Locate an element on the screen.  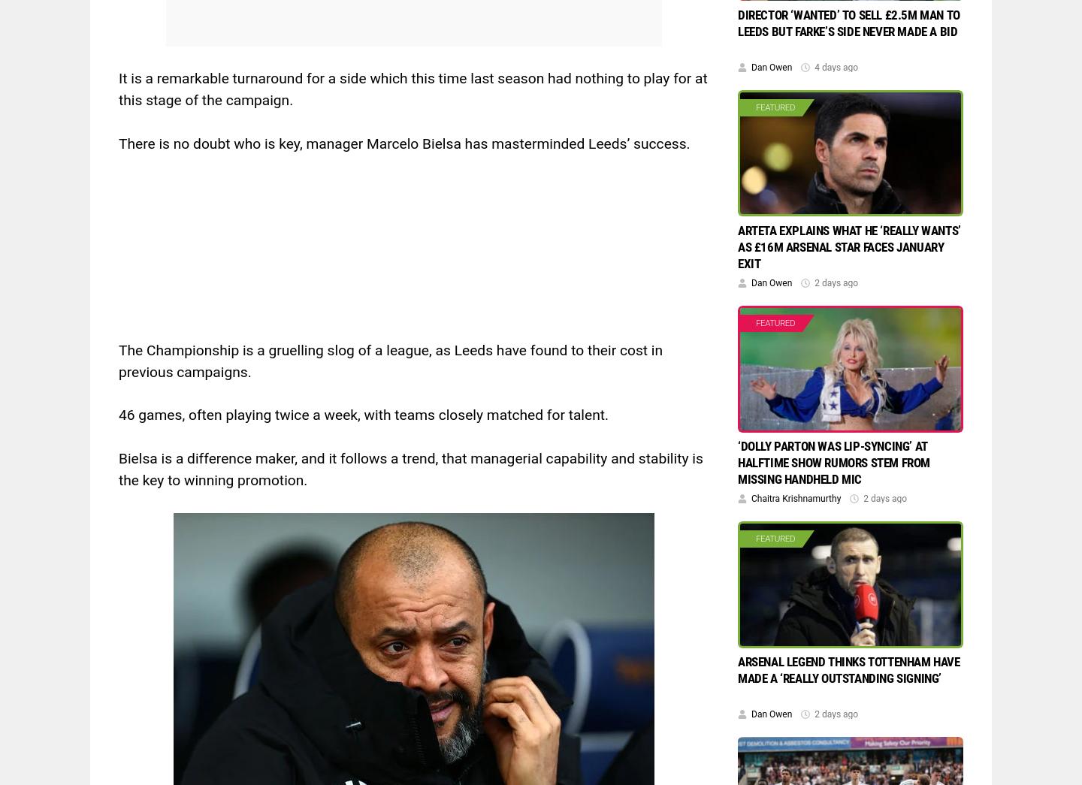
'4 days ago' is located at coordinates (814, 67).